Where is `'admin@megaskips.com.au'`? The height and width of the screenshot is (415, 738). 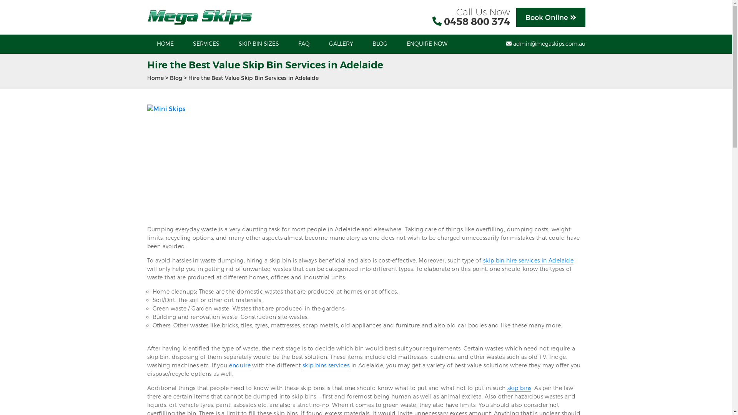 'admin@megaskips.com.au' is located at coordinates (545, 44).